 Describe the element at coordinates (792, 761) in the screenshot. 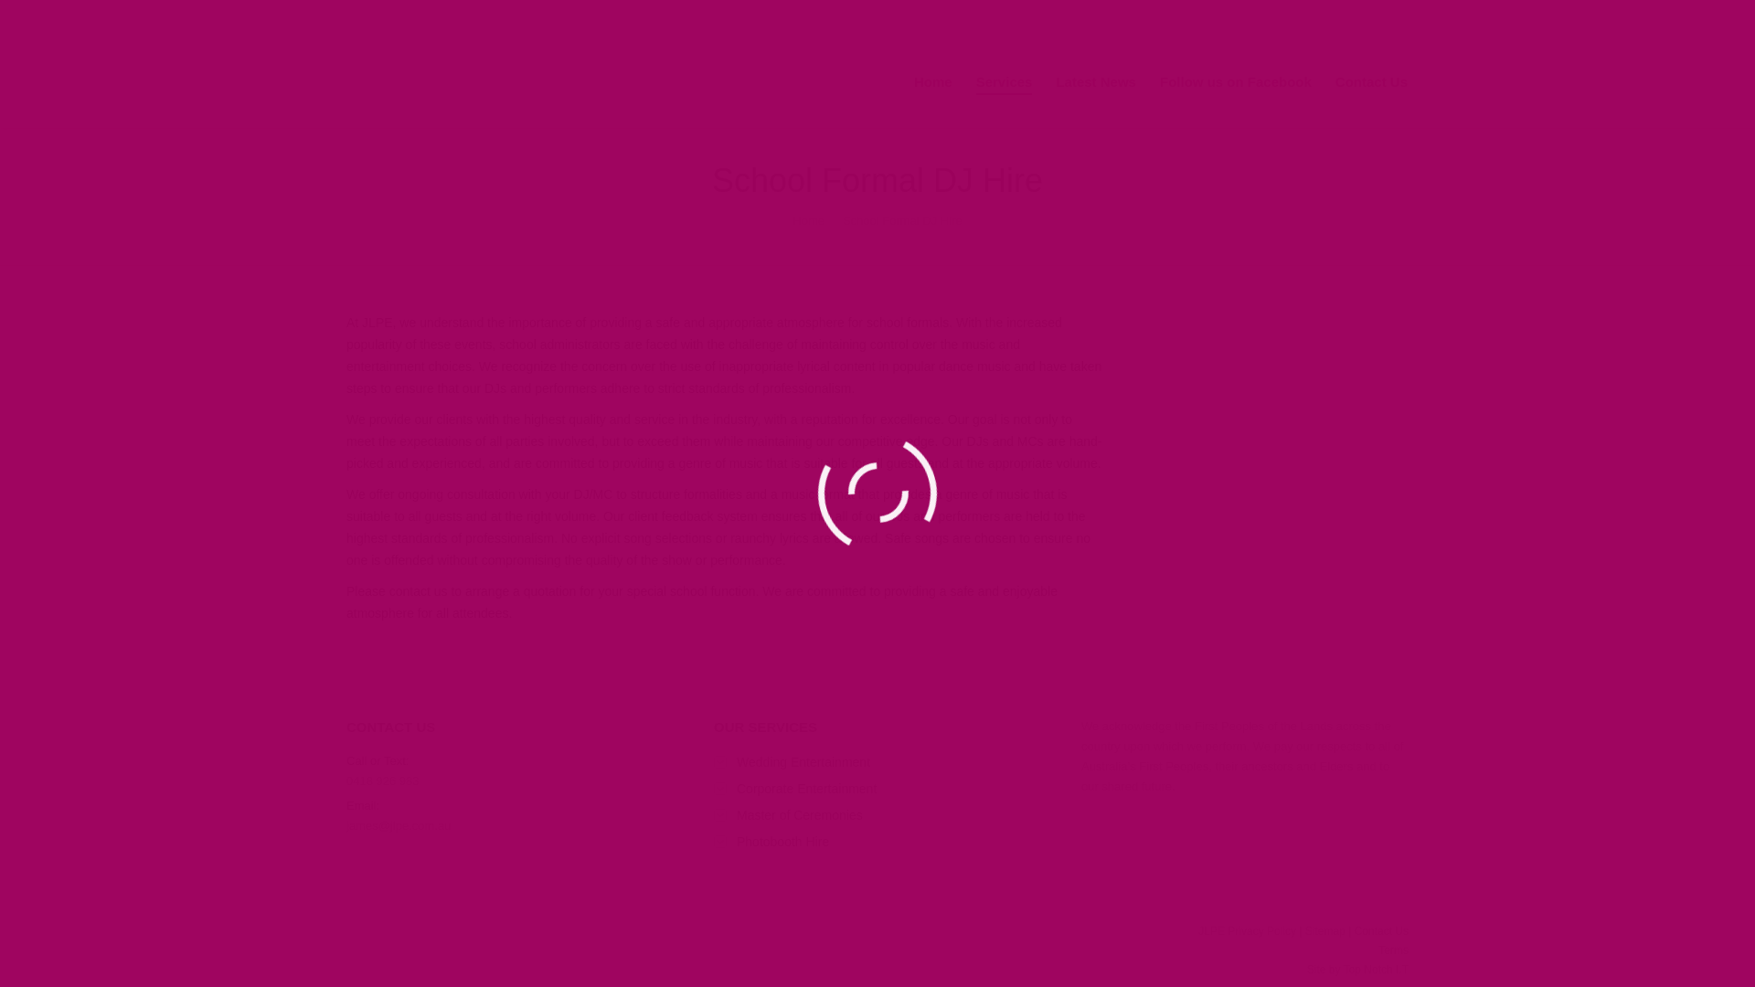

I see `'Wedding Entertainment'` at that location.